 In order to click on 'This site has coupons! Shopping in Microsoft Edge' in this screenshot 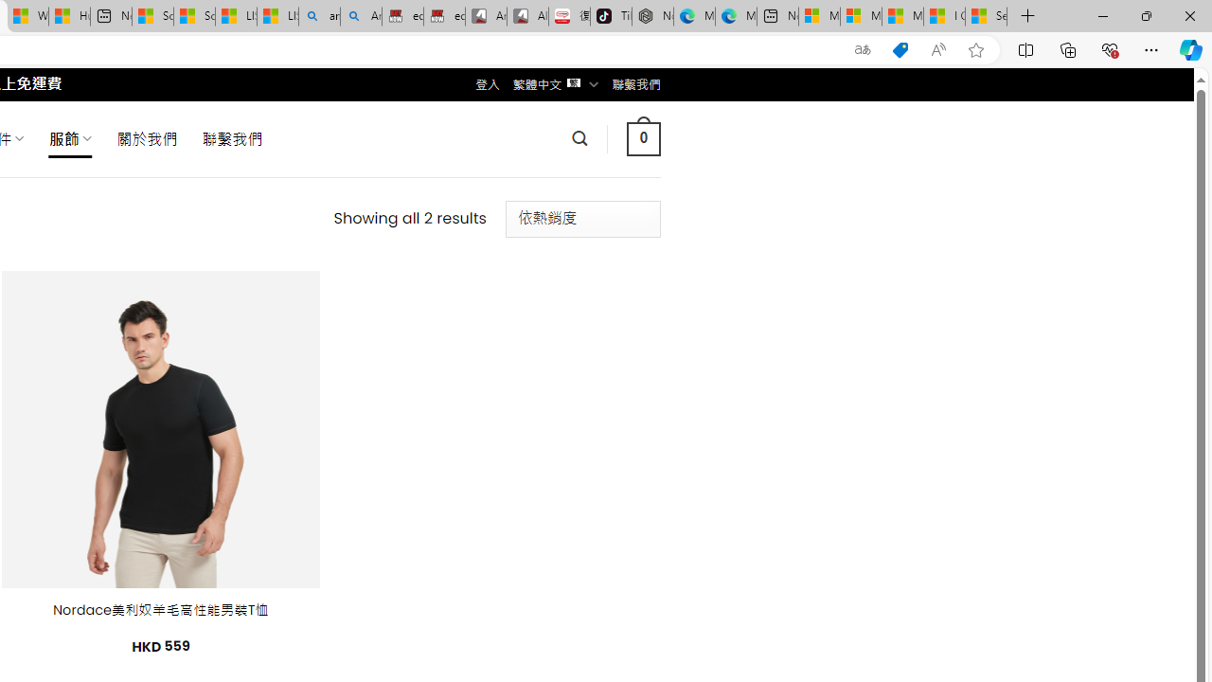, I will do `click(900, 49)`.